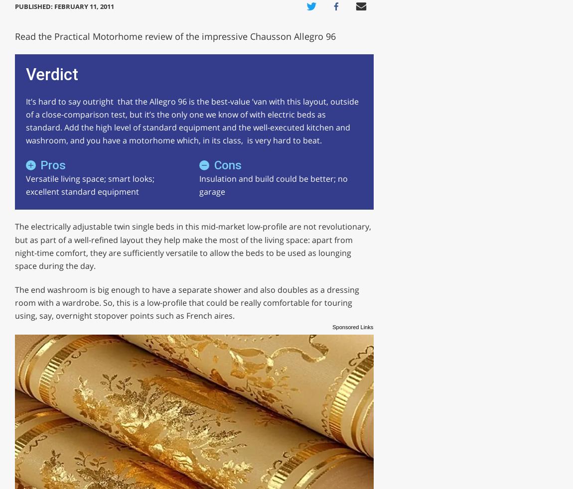 This screenshot has height=489, width=573. I want to click on 'The electrically adjustable twin single beds in this mid-market low-profile are not revolutionary, but as part of a well-refined layout they help make the most of the living space: apart from night-time comfort, they are sufficiently versatile to allow the beds to be used as lounging space during the day.', so click(192, 245).